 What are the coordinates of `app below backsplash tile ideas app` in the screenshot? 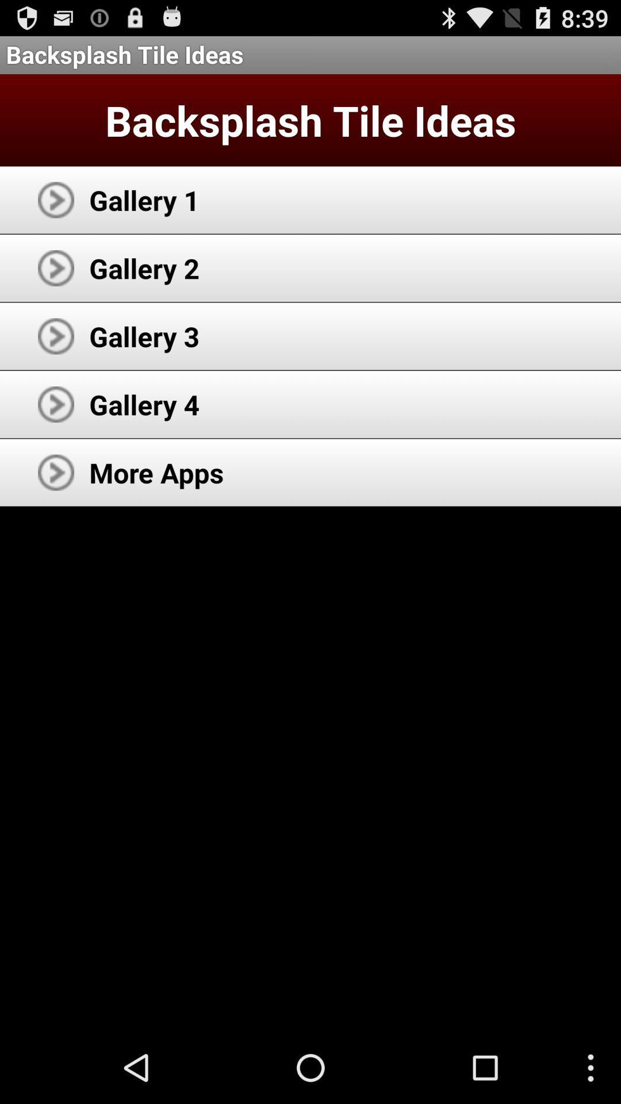 It's located at (144, 200).